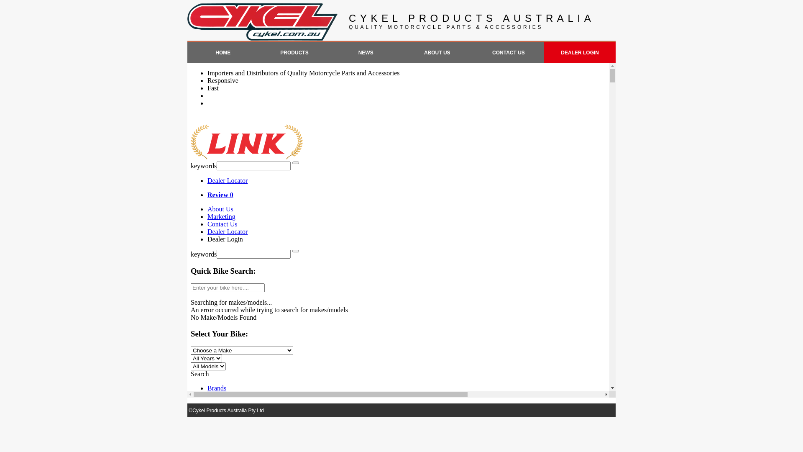 This screenshot has width=803, height=452. I want to click on 'CONTACT US', so click(492, 52).